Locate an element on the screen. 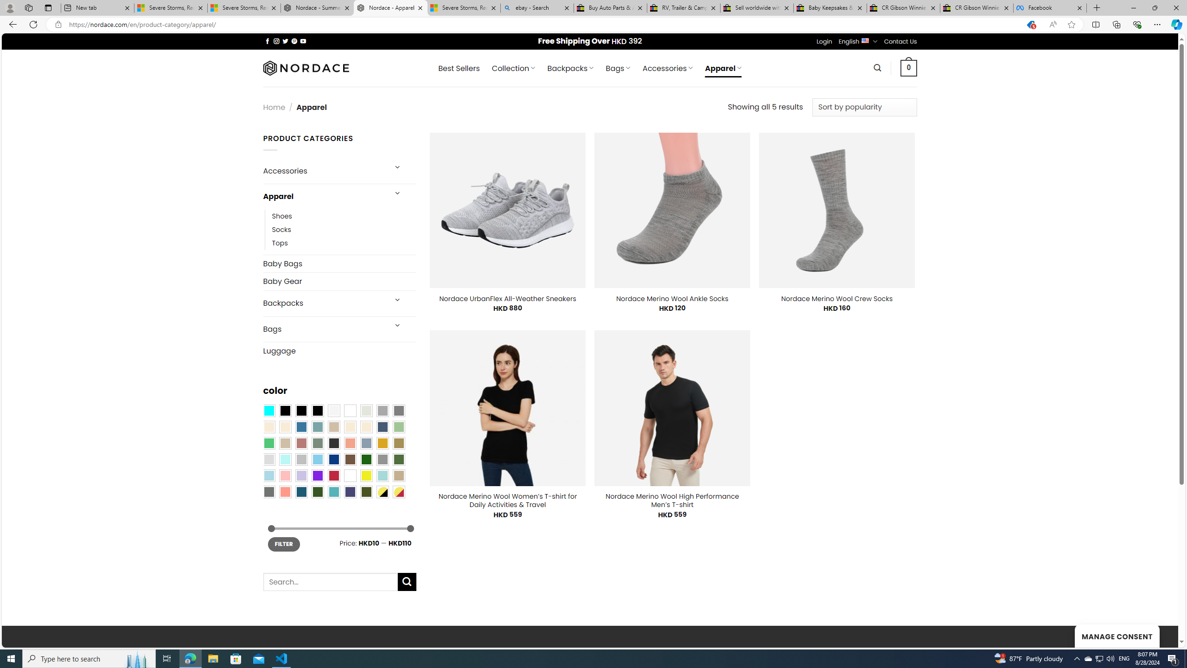 The width and height of the screenshot is (1187, 668). 'Buy Auto Parts & Accessories | eBay' is located at coordinates (609, 7).